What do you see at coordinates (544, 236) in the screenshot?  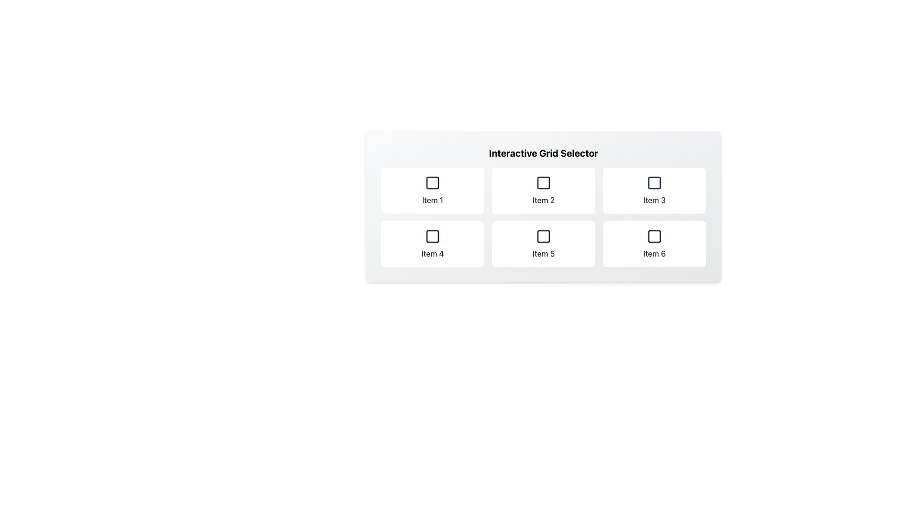 I see `the checkbox or state indicator for 'Item 5', located centrally within its grid item in the 3x2 layout` at bounding box center [544, 236].